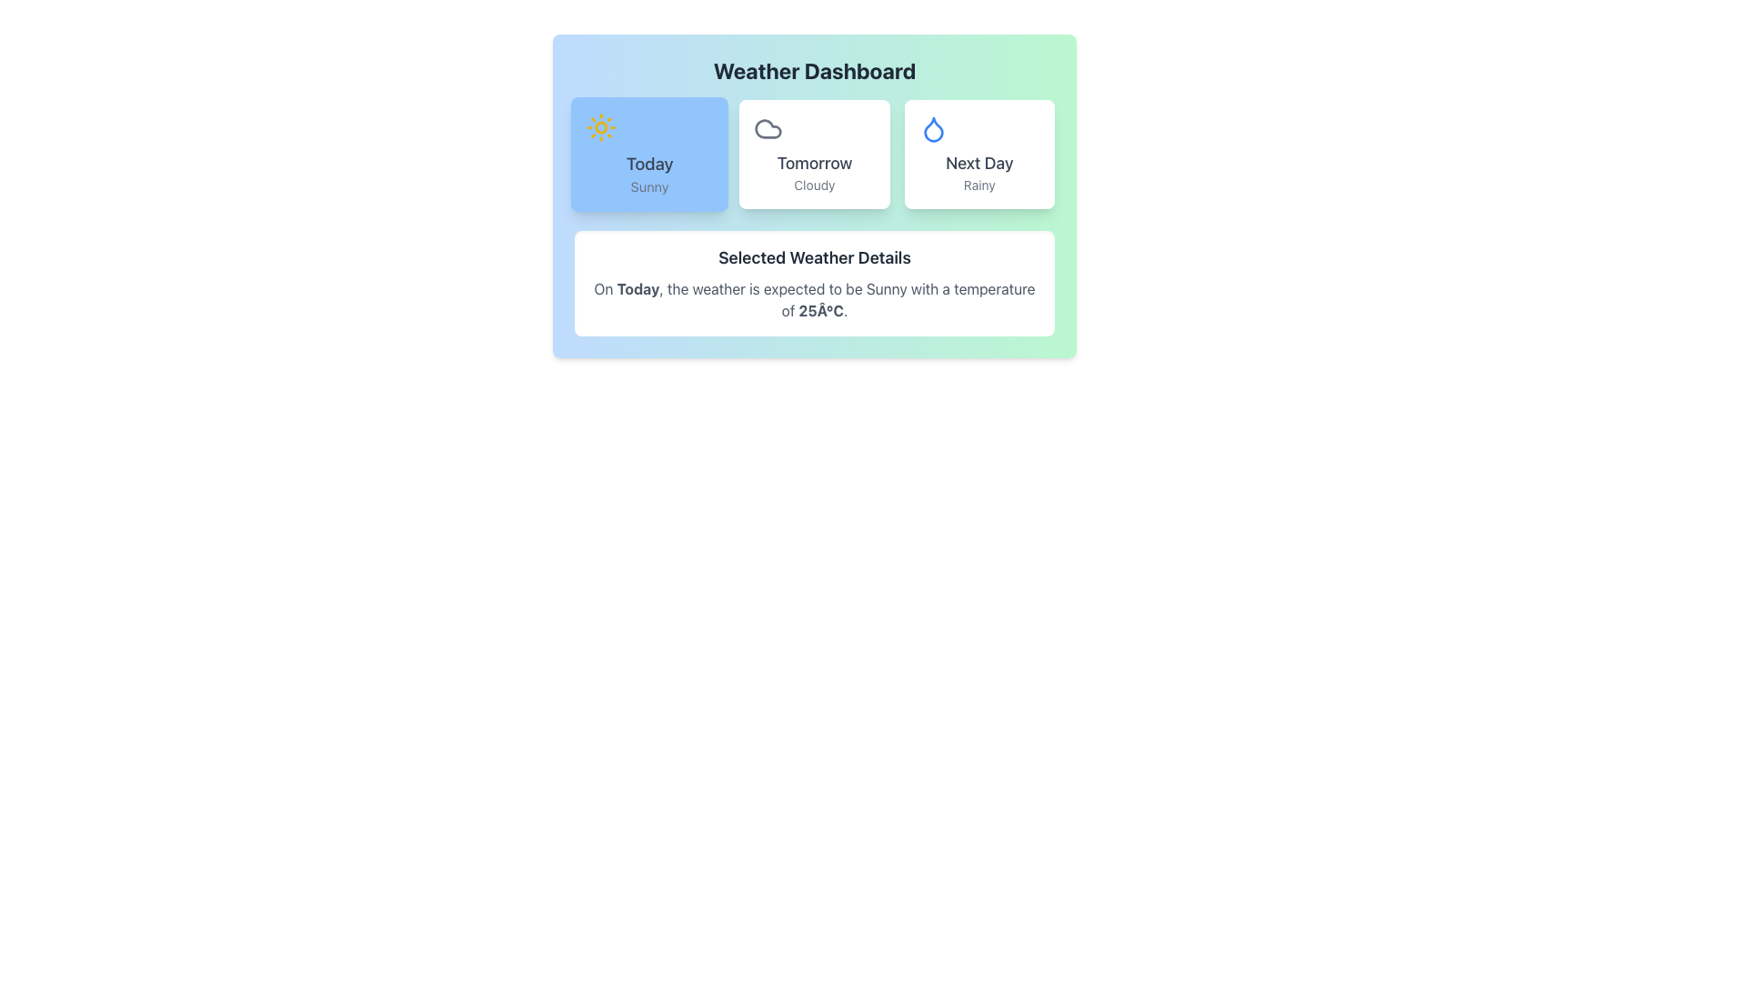 The image size is (1746, 982). What do you see at coordinates (933, 128) in the screenshot?
I see `the rain graphic icon representing the 'Rainy' forecast on the 'Next Day' card, which is the third card in the Weather Dashboard` at bounding box center [933, 128].